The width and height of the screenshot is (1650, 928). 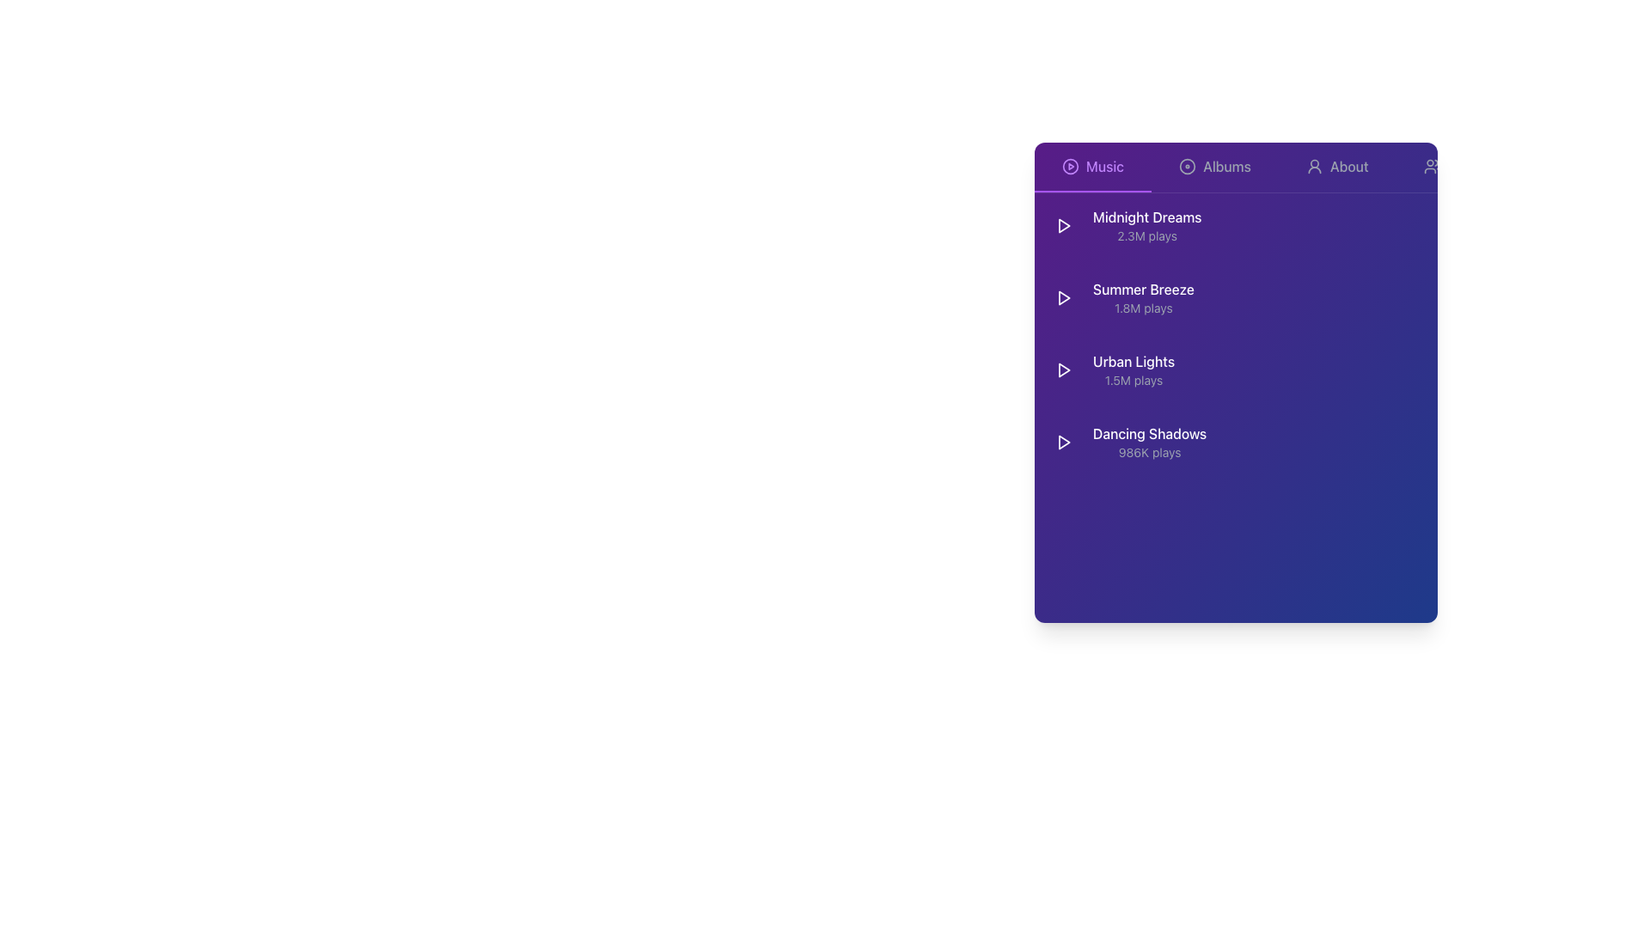 What do you see at coordinates (1146, 224) in the screenshot?
I see `the text label displaying the title 'Midnight Dreams'` at bounding box center [1146, 224].